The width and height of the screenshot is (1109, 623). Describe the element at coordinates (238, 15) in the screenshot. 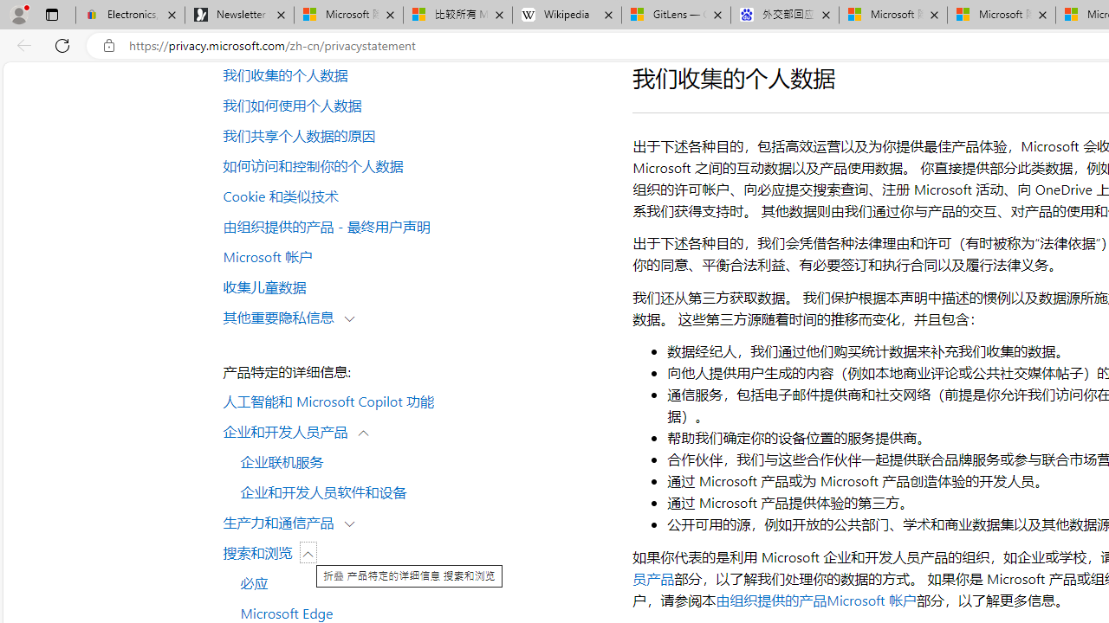

I see `'Newsletter Sign Up'` at that location.